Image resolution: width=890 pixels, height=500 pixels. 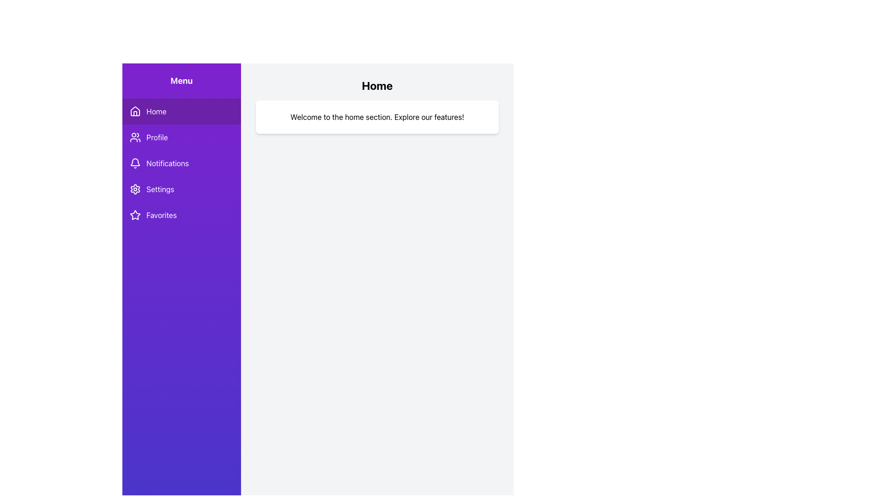 What do you see at coordinates (135, 110) in the screenshot?
I see `the house icon located next to the 'Home' text label in the vertical navigation menu` at bounding box center [135, 110].